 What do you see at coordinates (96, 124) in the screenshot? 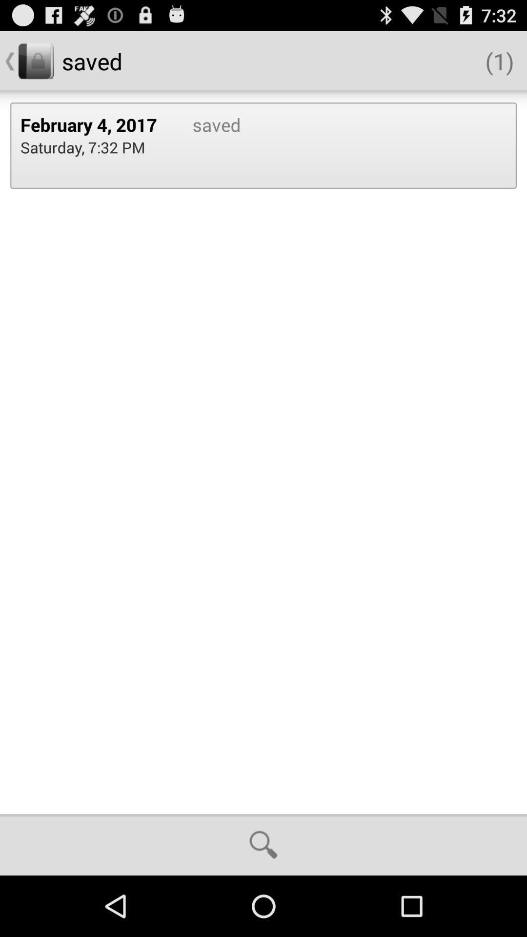
I see `app next to saved` at bounding box center [96, 124].